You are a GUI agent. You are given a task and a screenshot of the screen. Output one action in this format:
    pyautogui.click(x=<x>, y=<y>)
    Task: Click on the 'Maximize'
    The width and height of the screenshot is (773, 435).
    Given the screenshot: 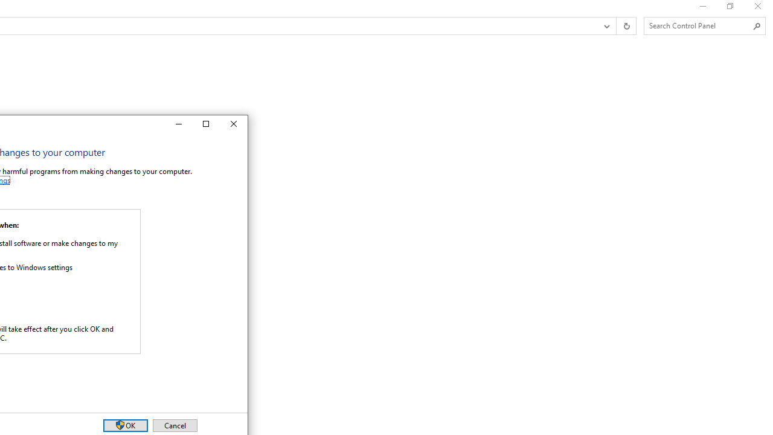 What is the action you would take?
    pyautogui.click(x=205, y=124)
    